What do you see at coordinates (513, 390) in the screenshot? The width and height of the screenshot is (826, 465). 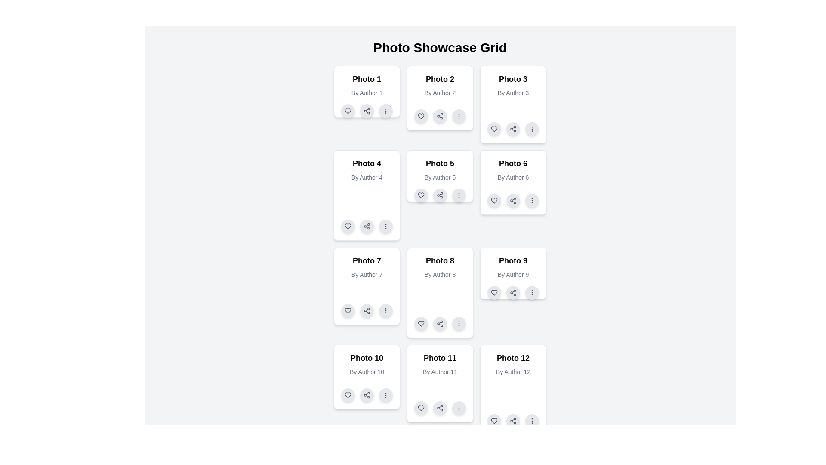 I see `the interactive buttons on the Card component located in the bottom-right of the grid layout` at bounding box center [513, 390].